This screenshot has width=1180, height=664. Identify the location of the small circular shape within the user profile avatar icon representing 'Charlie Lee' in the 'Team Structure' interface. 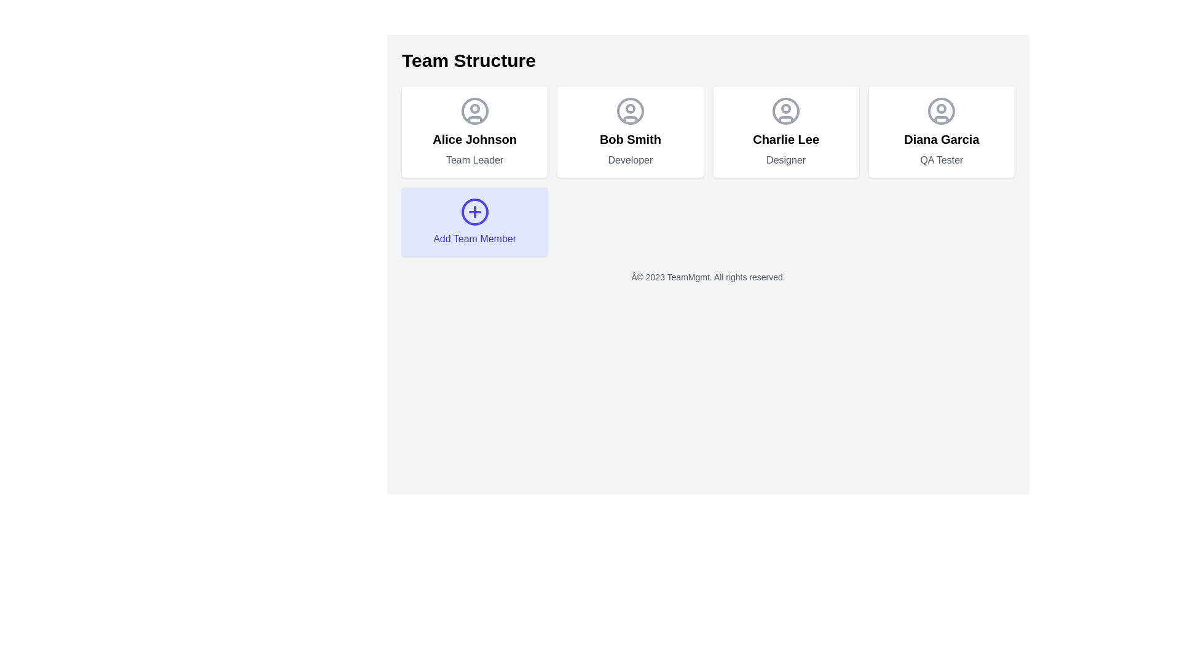
(785, 108).